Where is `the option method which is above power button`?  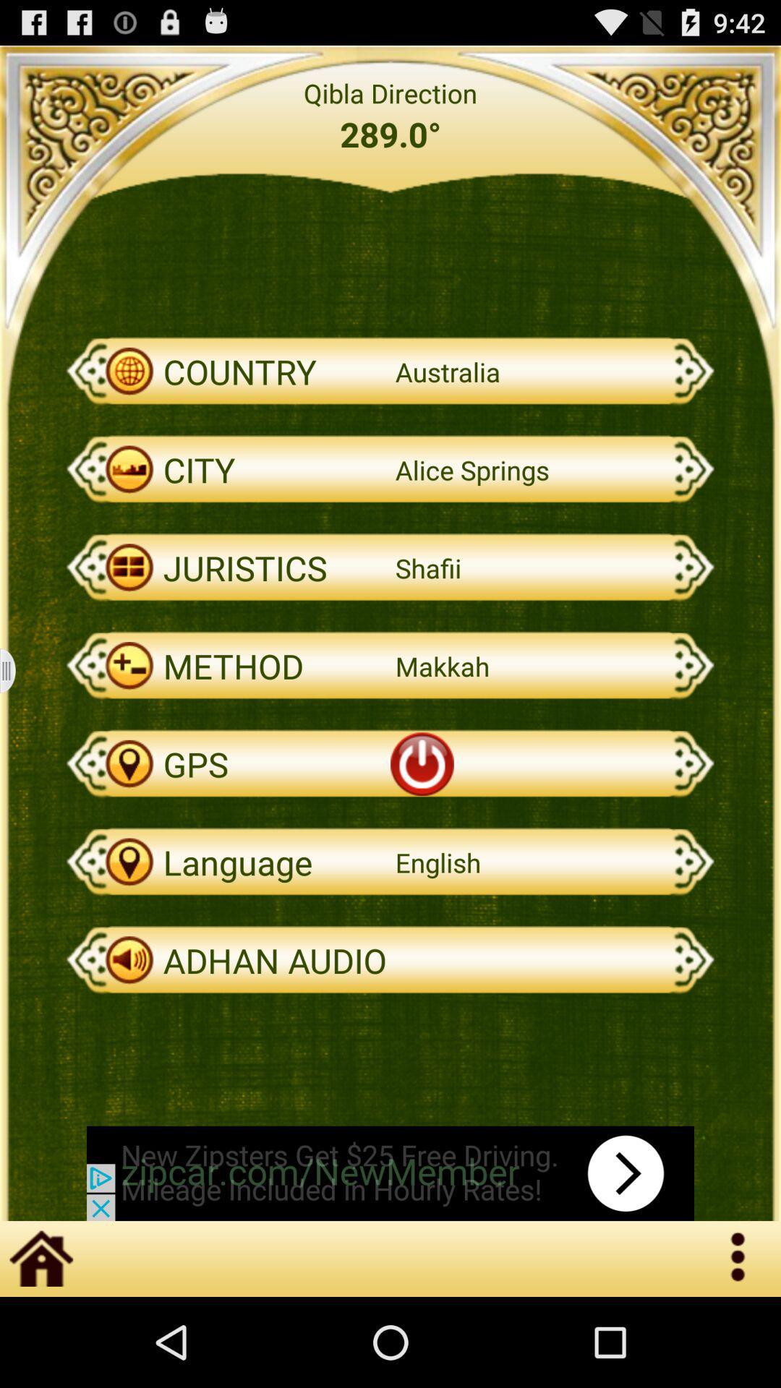 the option method which is above power button is located at coordinates (390, 665).